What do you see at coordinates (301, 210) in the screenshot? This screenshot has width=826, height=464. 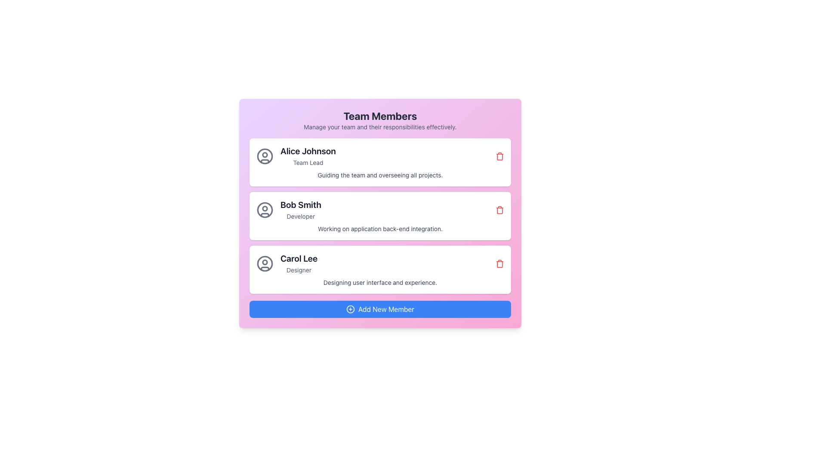 I see `text displayed in the second card of the 'Team Members' section, which shows the name and role of a team member, positioned below Alice Johnson's card and above Carol Lee's card` at bounding box center [301, 210].